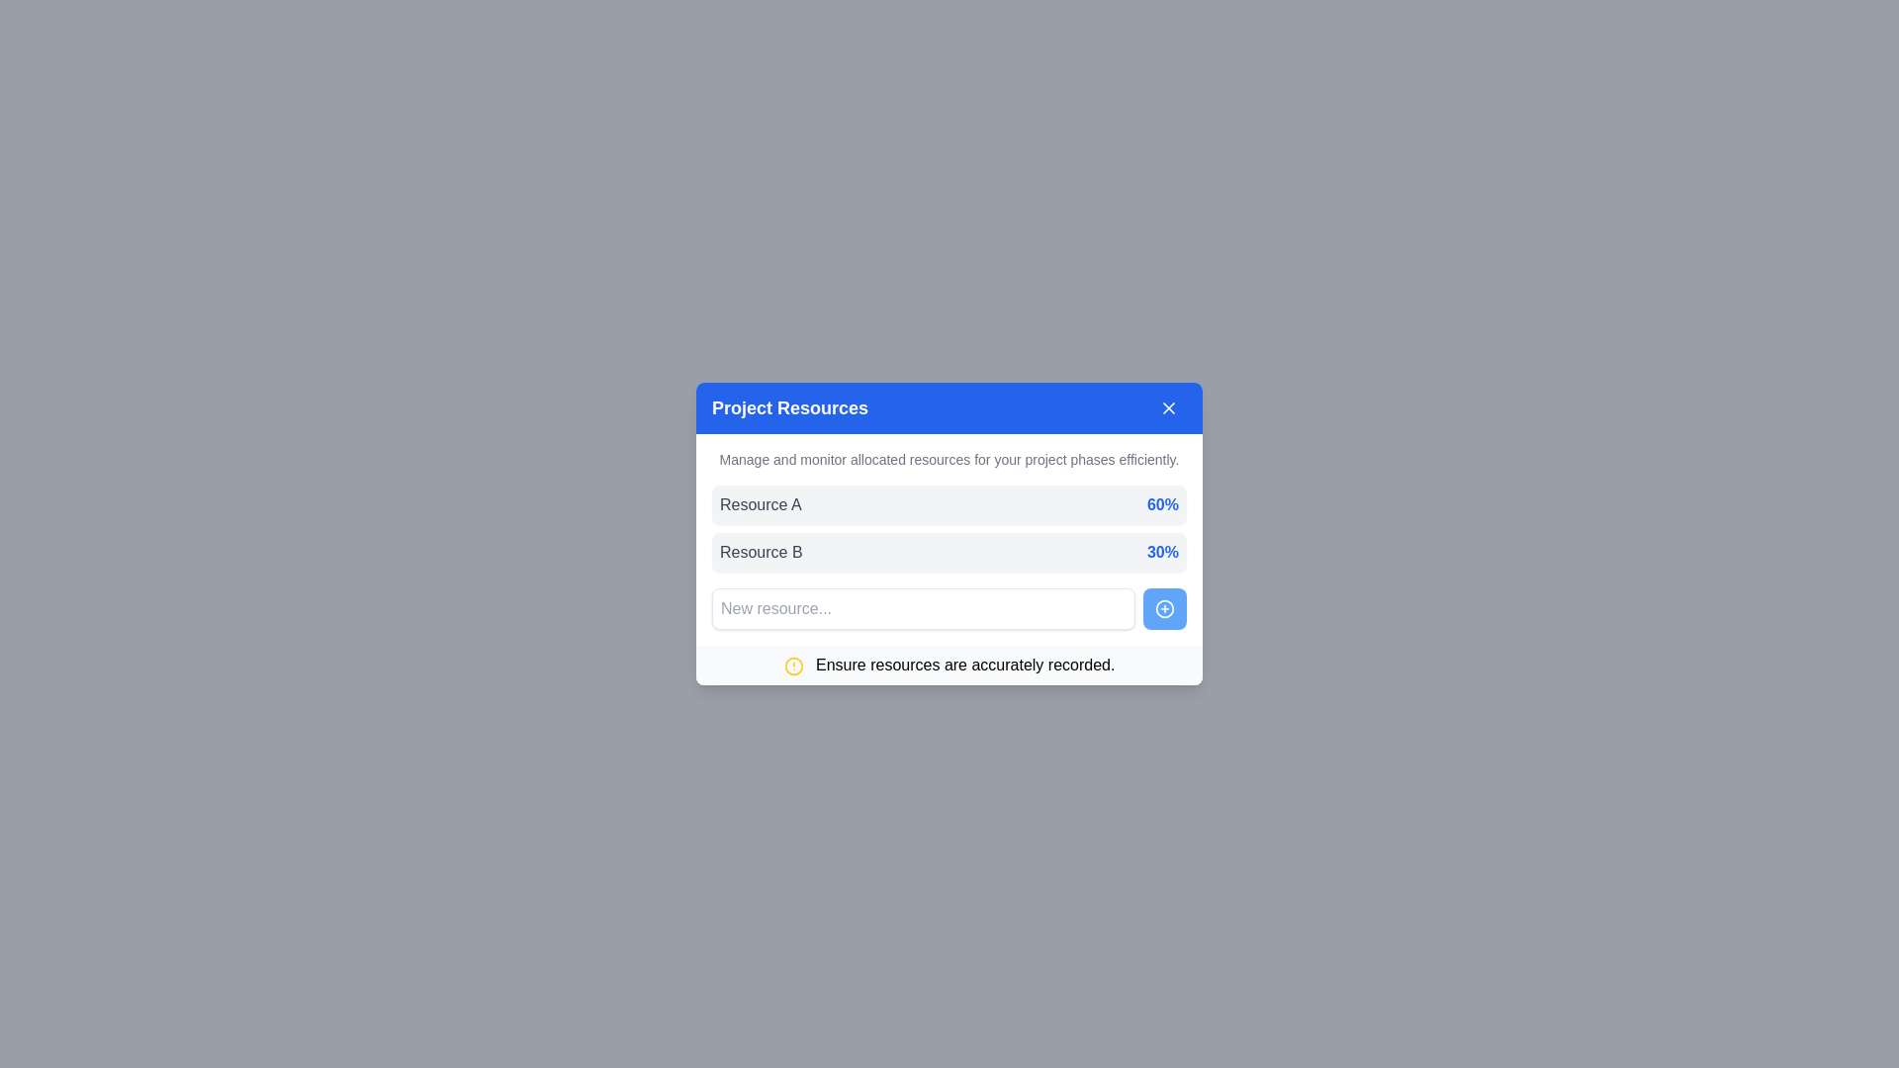 Image resolution: width=1899 pixels, height=1068 pixels. What do you see at coordinates (949, 534) in the screenshot?
I see `the interactive elements of the resource management modal` at bounding box center [949, 534].